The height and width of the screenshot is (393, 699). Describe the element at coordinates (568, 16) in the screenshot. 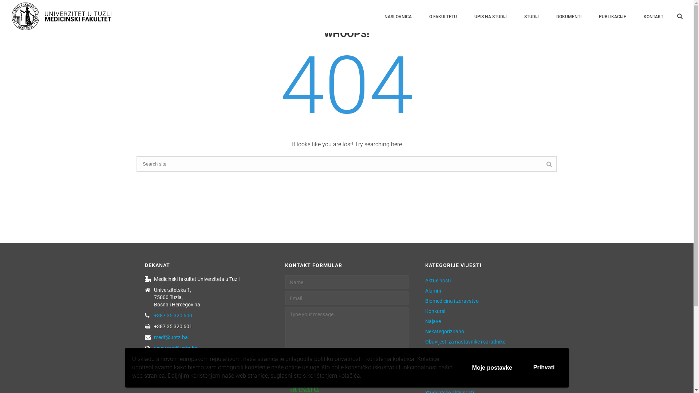

I see `'DOKUMENTI'` at that location.